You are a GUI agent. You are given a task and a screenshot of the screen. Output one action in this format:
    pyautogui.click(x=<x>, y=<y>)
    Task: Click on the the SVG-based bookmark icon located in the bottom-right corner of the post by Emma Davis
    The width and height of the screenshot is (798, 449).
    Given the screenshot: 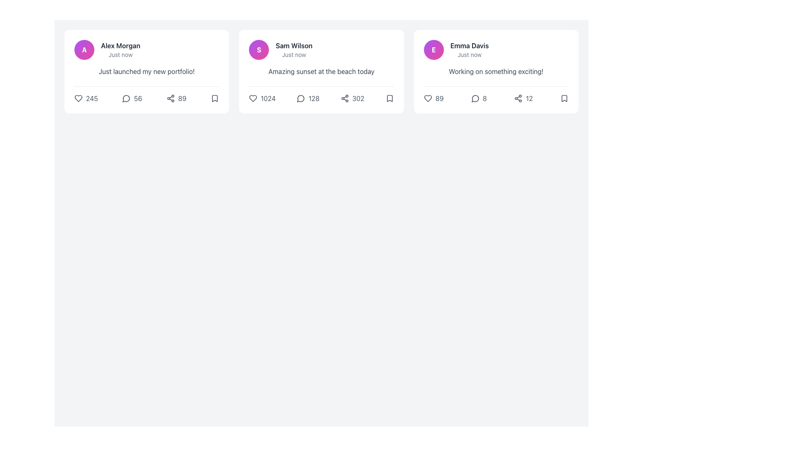 What is the action you would take?
    pyautogui.click(x=564, y=98)
    